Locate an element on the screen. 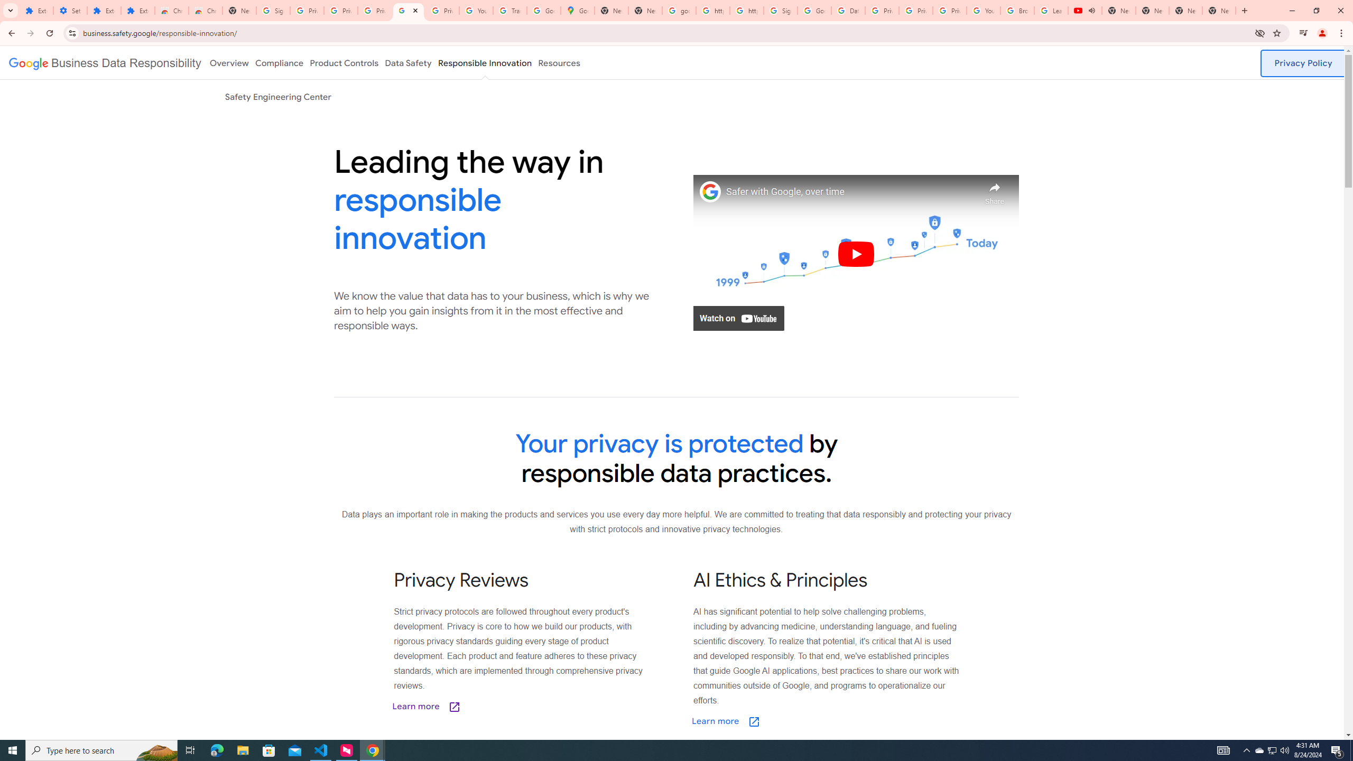 This screenshot has height=761, width=1353. 'Chrome Web Store' is located at coordinates (172, 10).